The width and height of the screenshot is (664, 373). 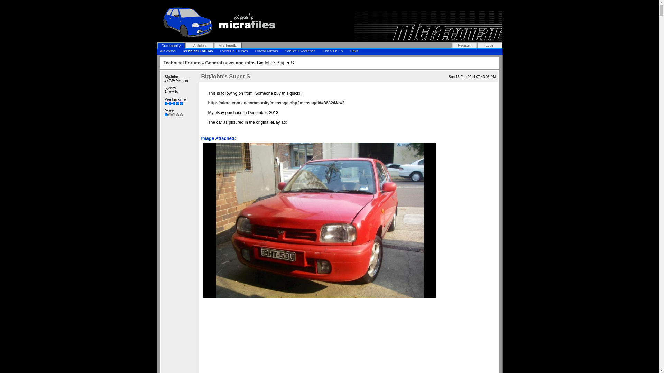 I want to click on 'Events & Cruises', so click(x=234, y=51).